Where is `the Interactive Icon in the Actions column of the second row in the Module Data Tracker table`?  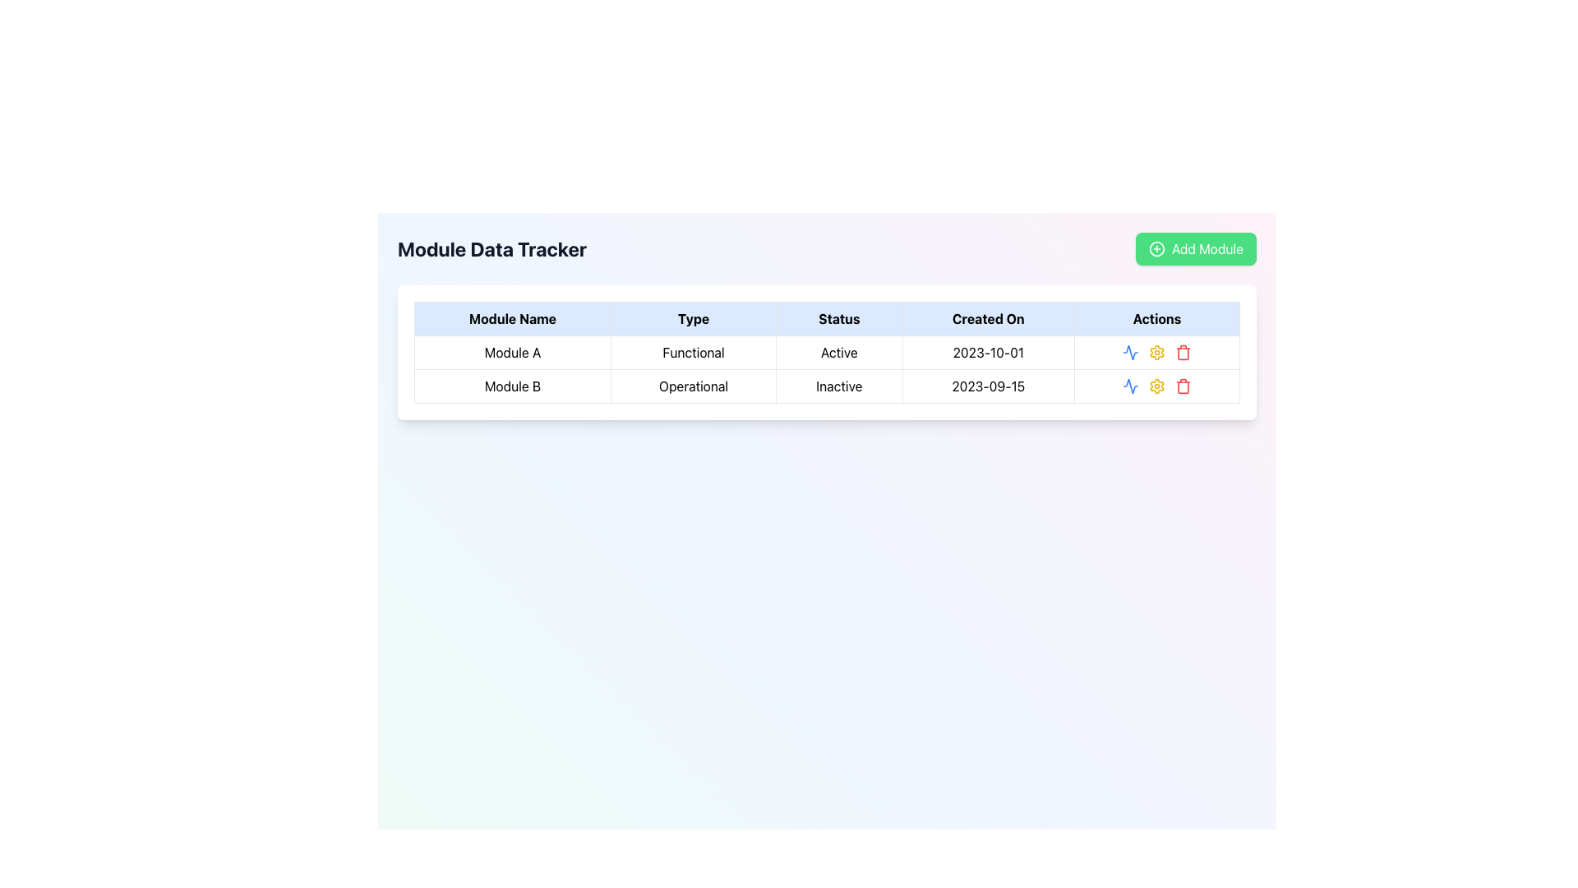
the Interactive Icon in the Actions column of the second row in the Module Data Tracker table is located at coordinates (1130, 351).